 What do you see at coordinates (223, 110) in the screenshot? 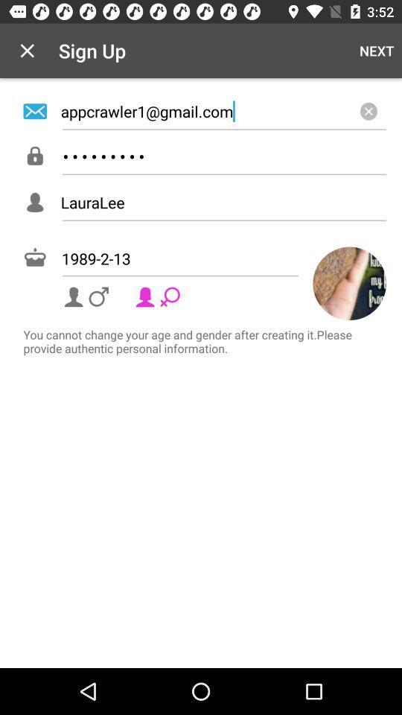
I see `icon below the next item` at bounding box center [223, 110].